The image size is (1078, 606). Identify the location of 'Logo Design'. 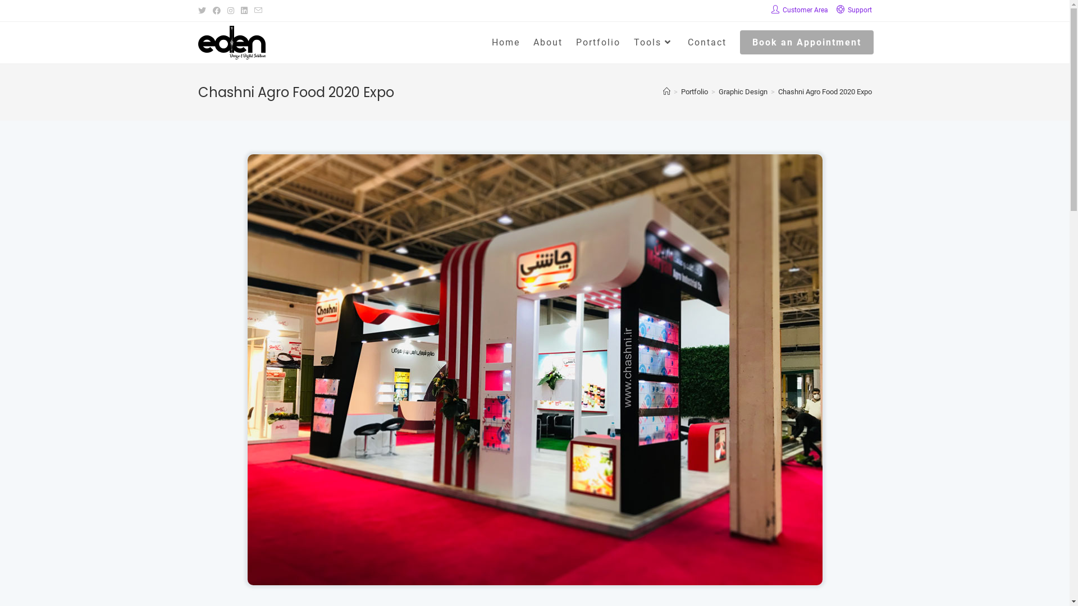
(374, 382).